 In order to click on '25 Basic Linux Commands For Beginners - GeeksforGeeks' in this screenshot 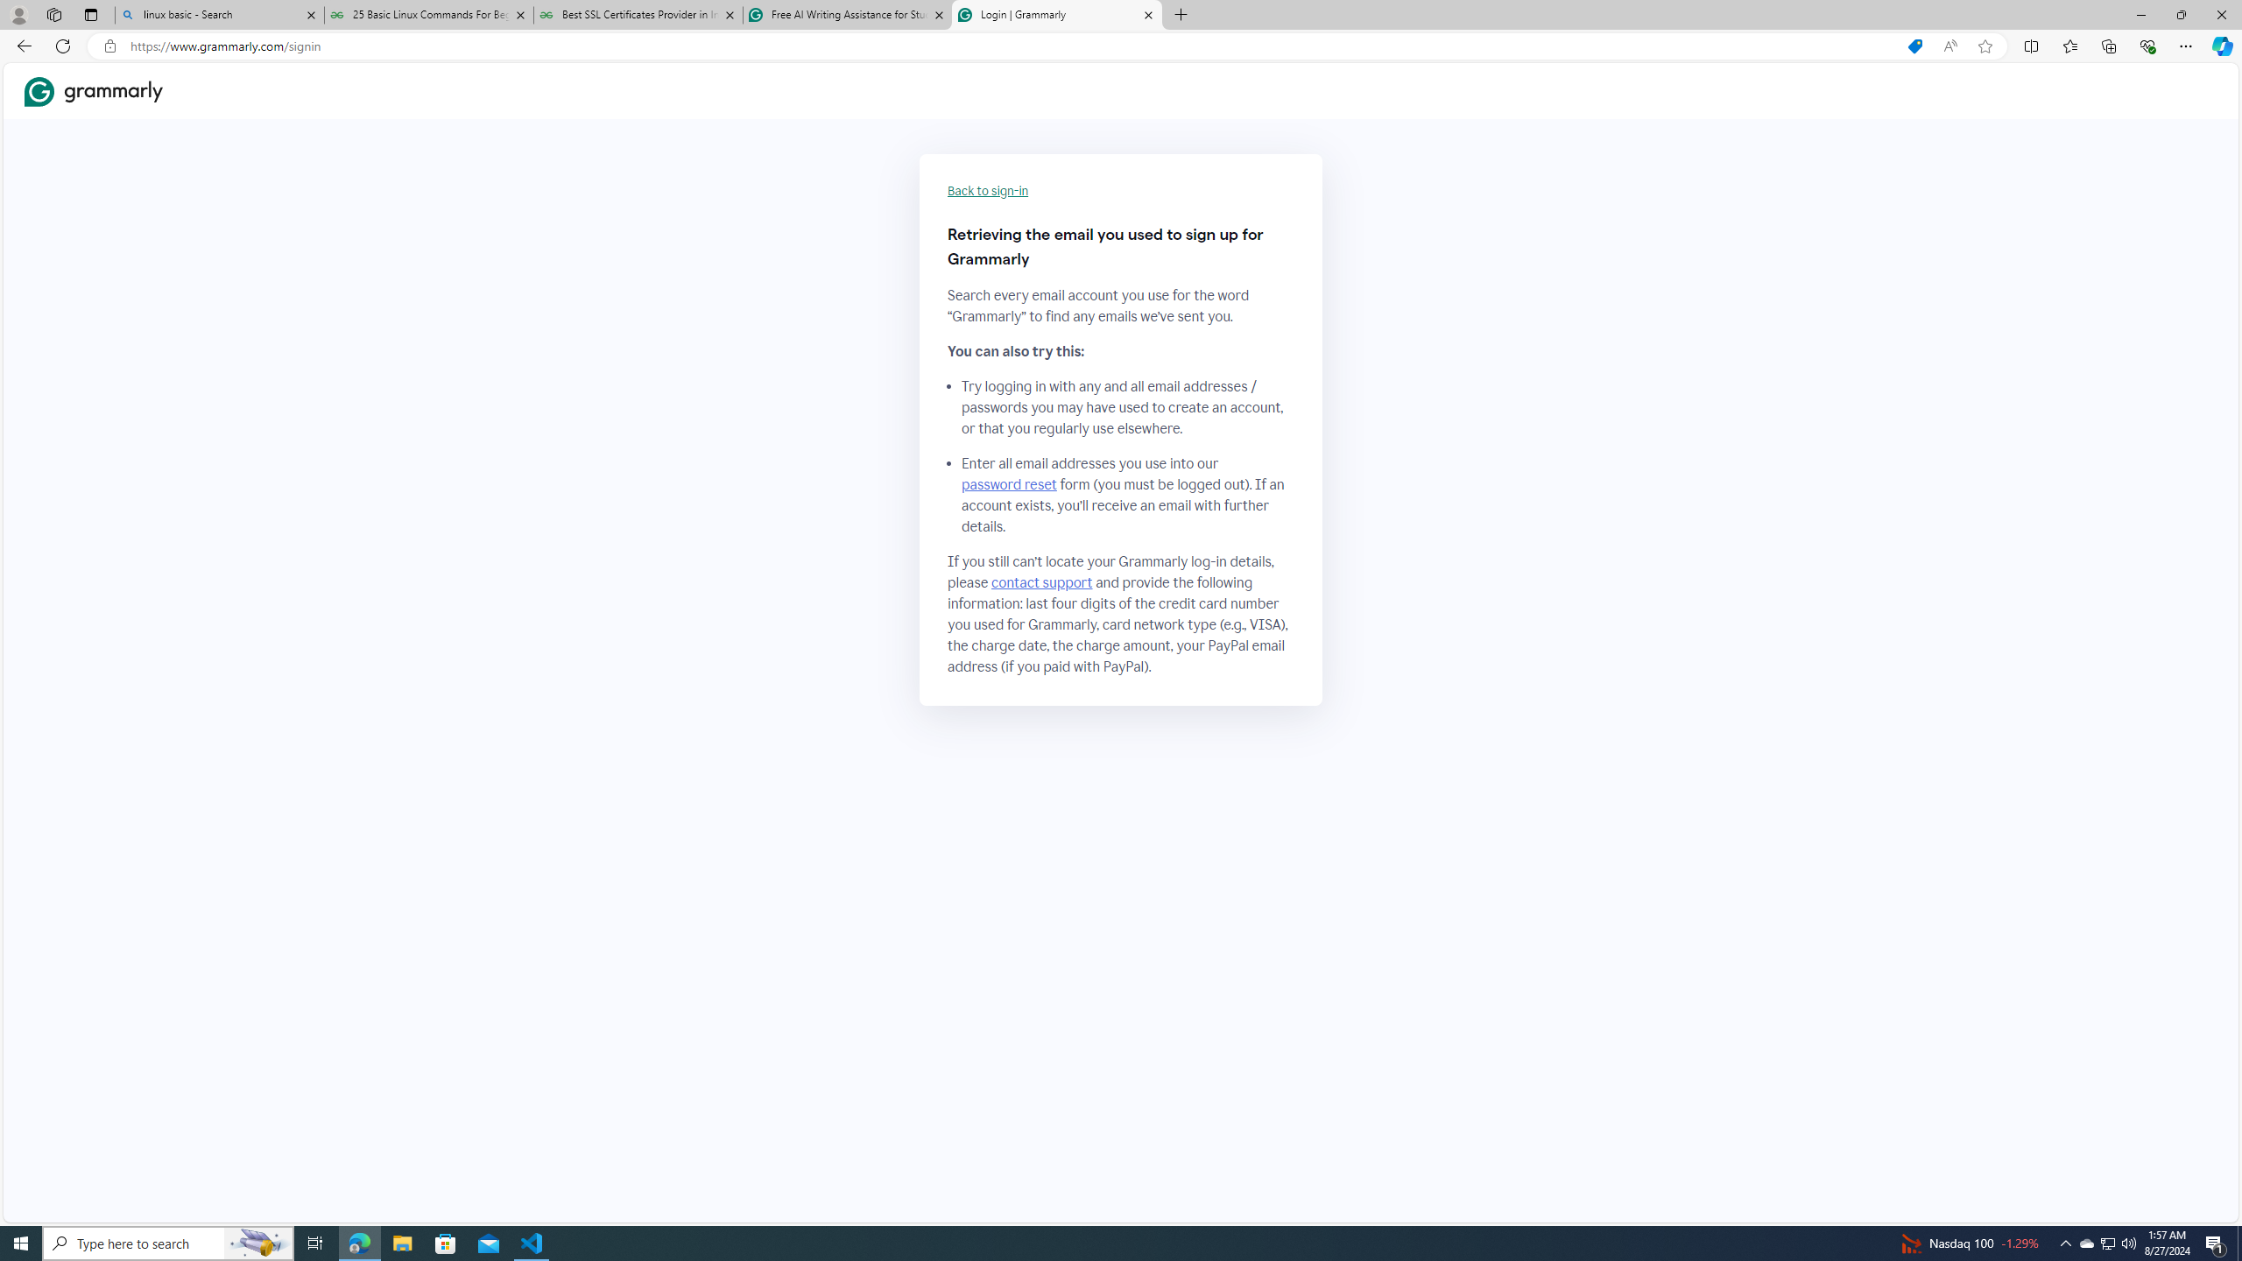, I will do `click(427, 14)`.